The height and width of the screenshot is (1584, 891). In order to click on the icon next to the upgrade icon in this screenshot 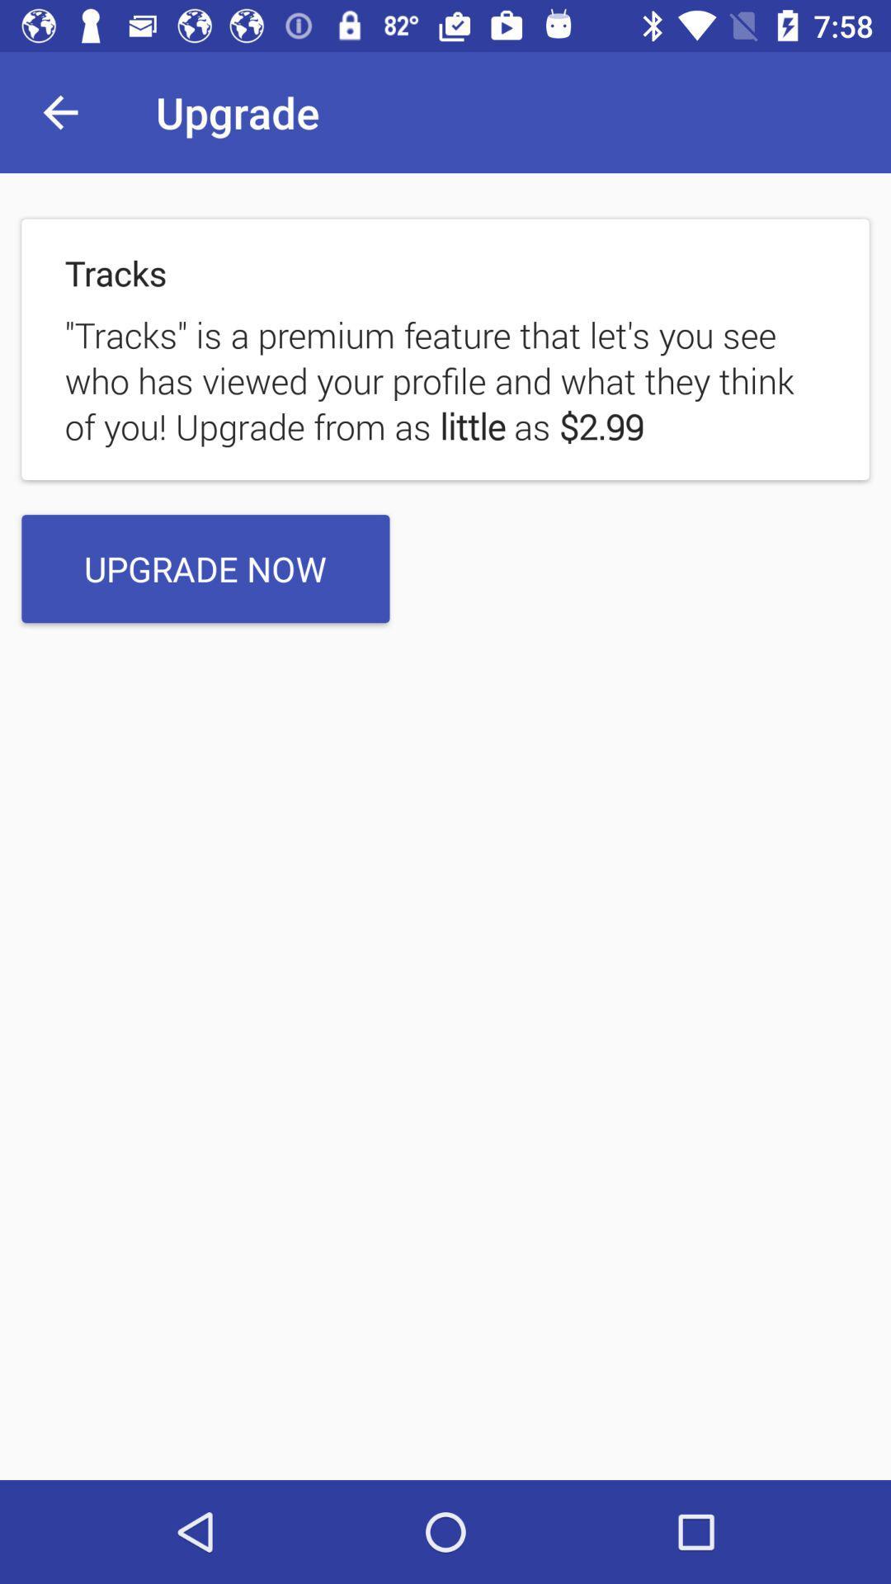, I will do `click(59, 111)`.